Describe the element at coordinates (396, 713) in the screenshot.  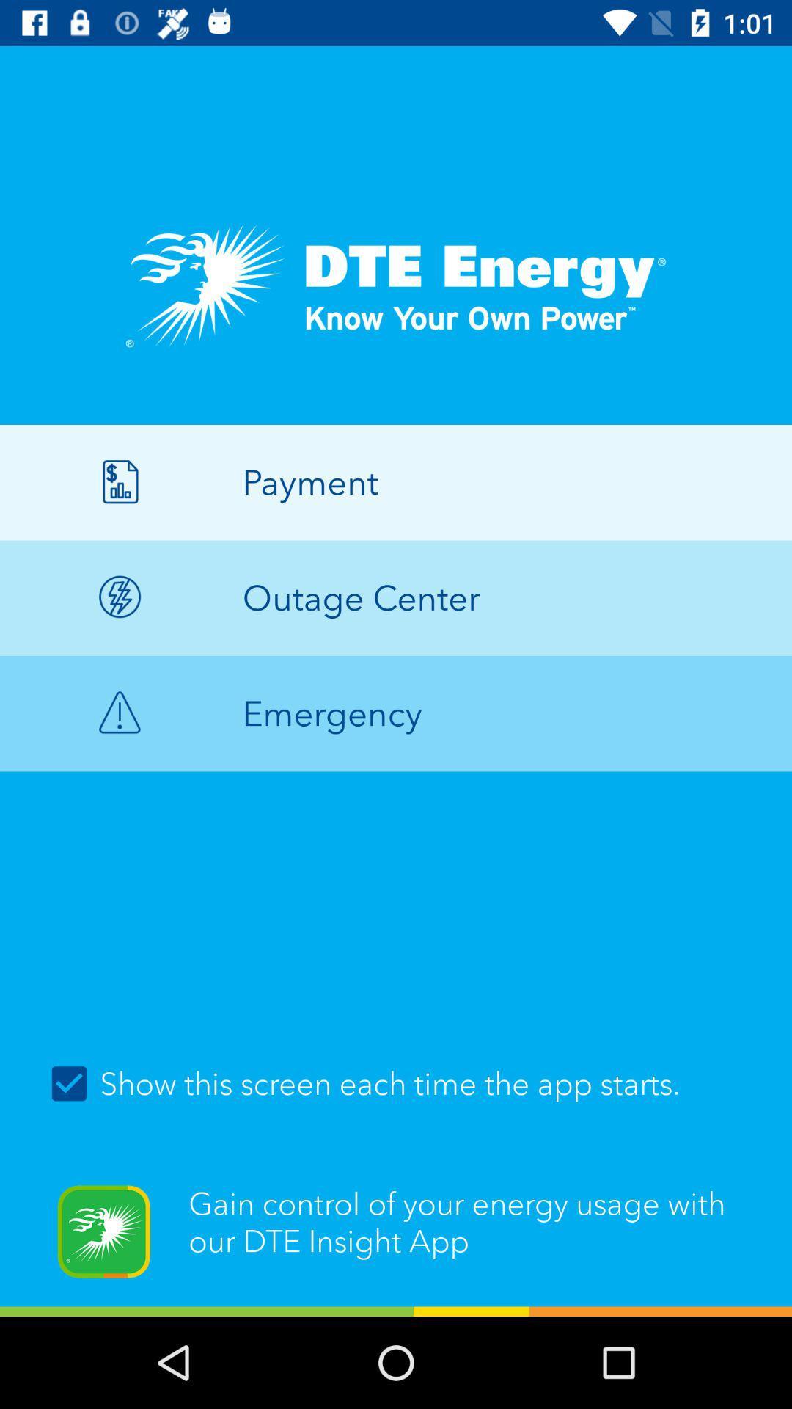
I see `the emergency item` at that location.